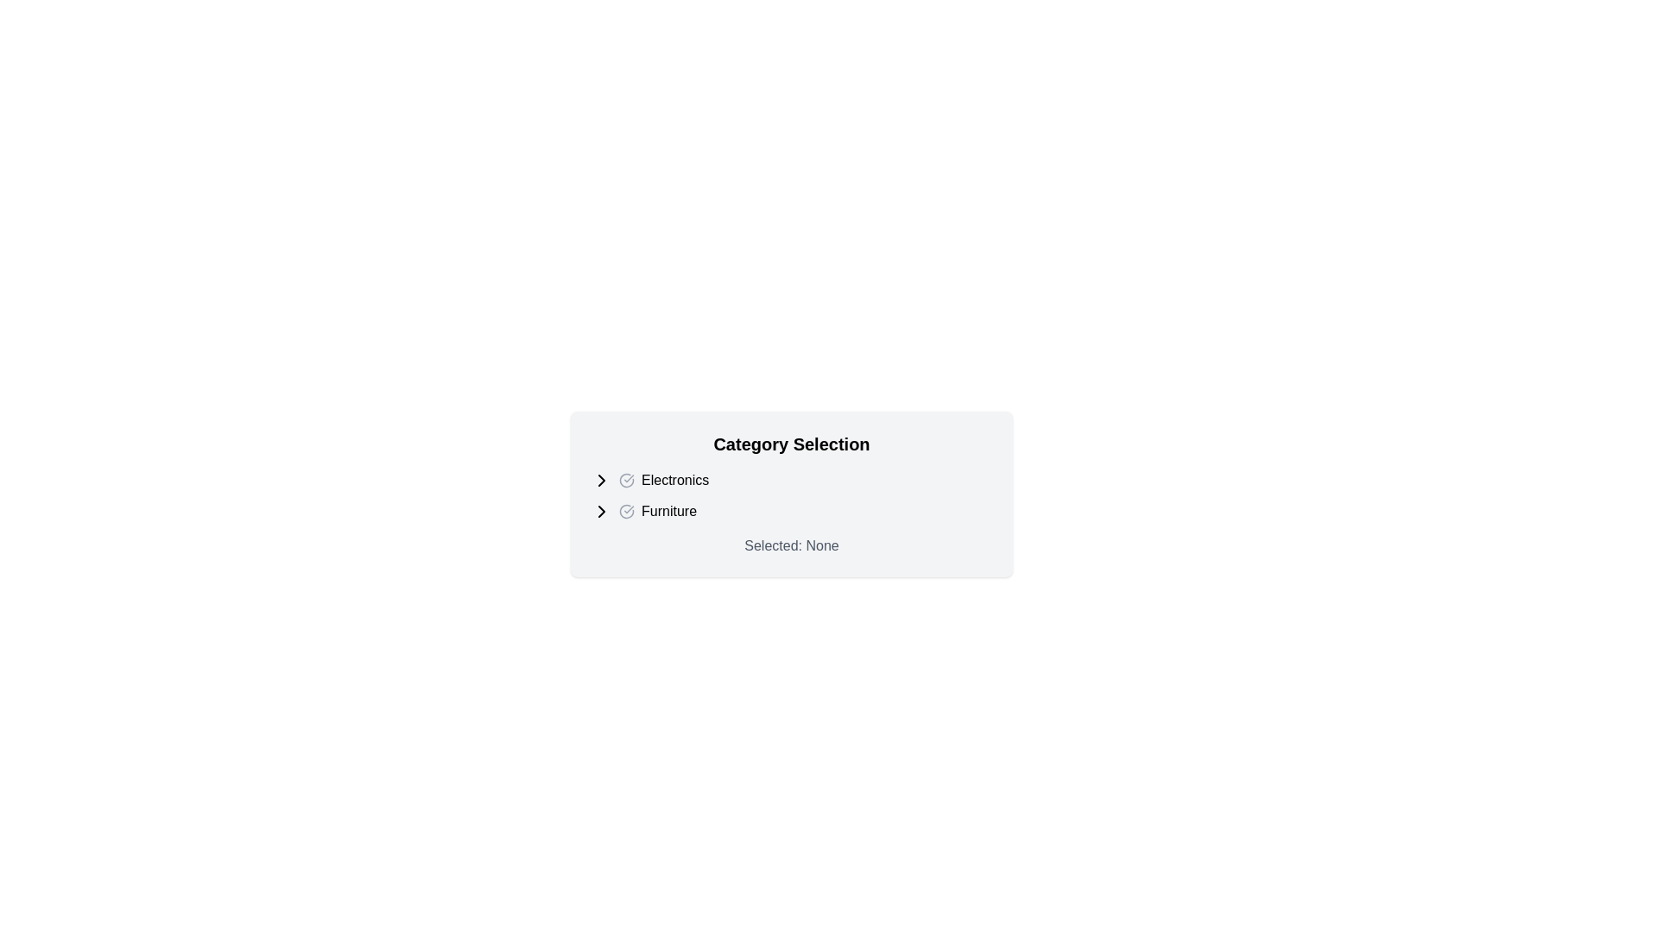 The width and height of the screenshot is (1658, 932). Describe the element at coordinates (790, 494) in the screenshot. I see `the panel titled 'Category Selection'` at that location.